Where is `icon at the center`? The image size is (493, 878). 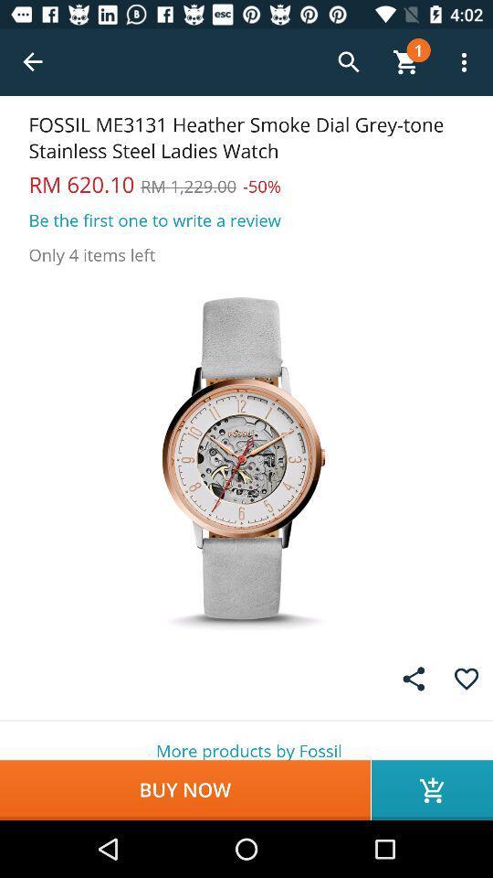 icon at the center is located at coordinates (246, 457).